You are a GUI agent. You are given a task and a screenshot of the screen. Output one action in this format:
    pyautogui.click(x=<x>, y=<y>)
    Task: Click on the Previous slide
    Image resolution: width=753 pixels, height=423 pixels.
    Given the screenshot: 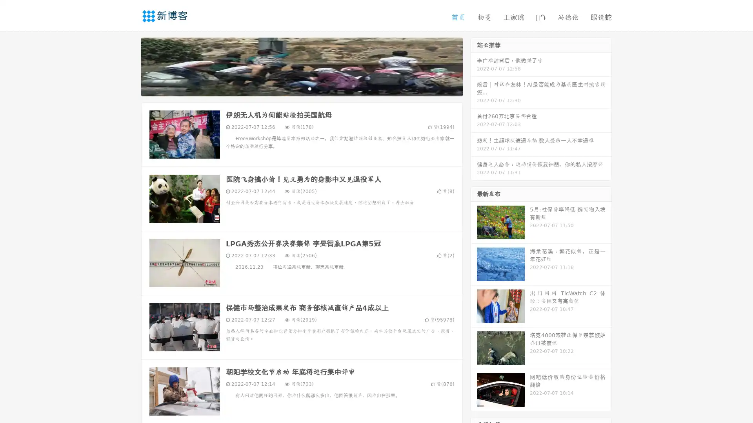 What is the action you would take?
    pyautogui.click(x=129, y=66)
    